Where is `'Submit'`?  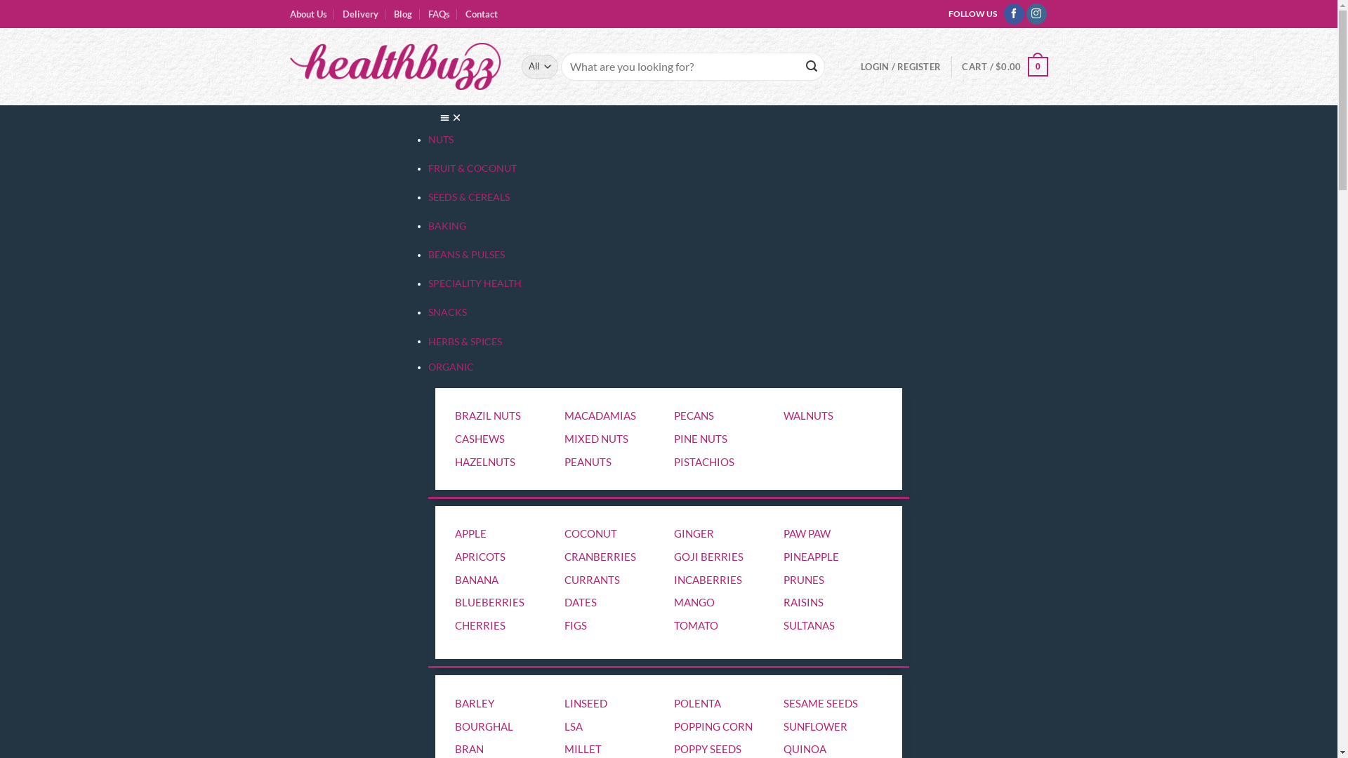
'Submit' is located at coordinates (36, 13).